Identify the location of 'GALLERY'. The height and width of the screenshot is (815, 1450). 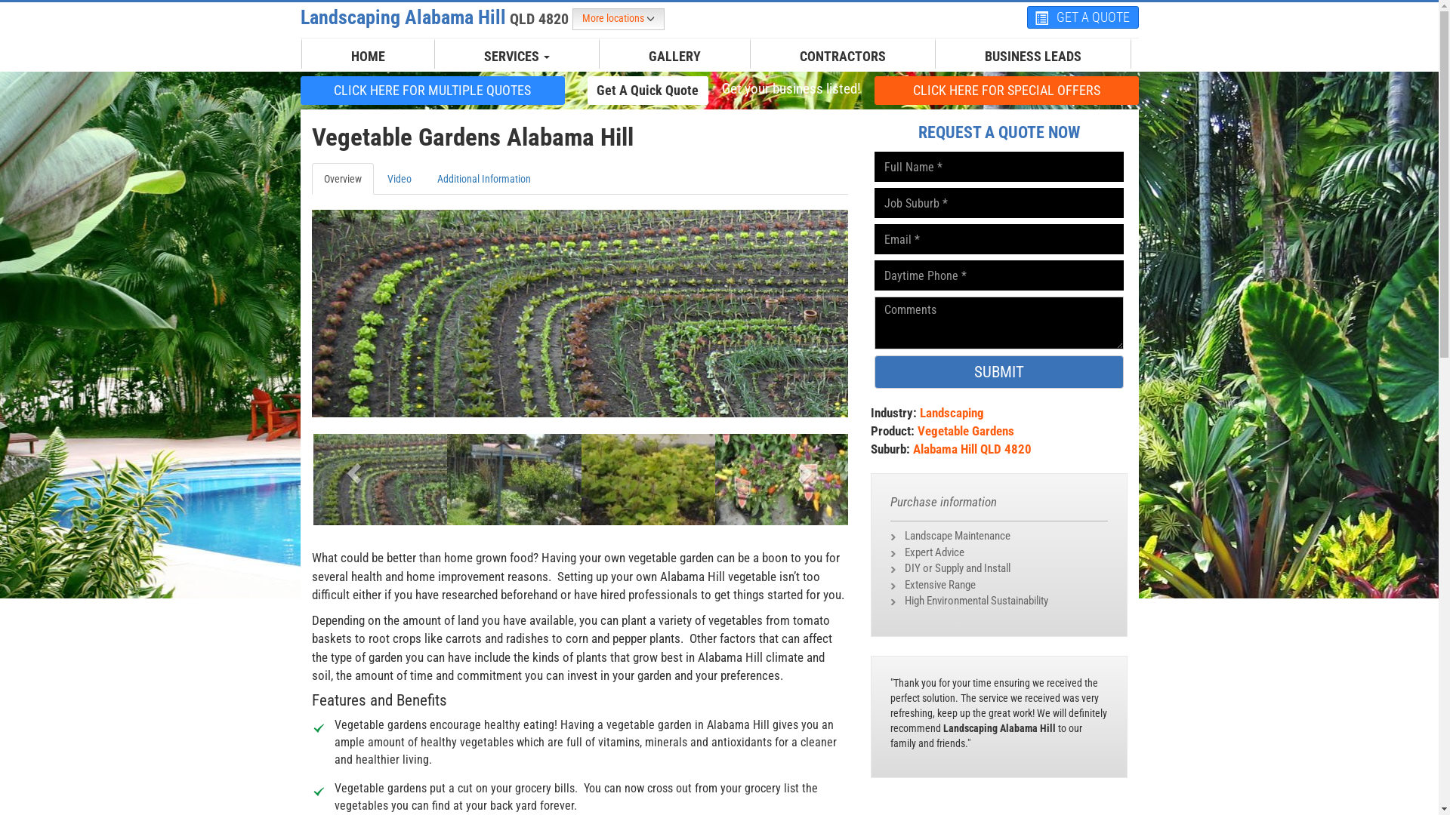
(674, 55).